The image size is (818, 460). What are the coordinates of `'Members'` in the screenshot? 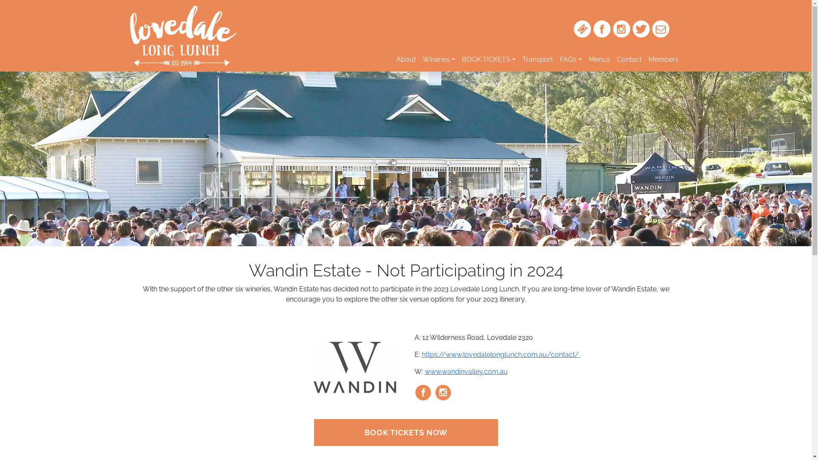 It's located at (663, 59).